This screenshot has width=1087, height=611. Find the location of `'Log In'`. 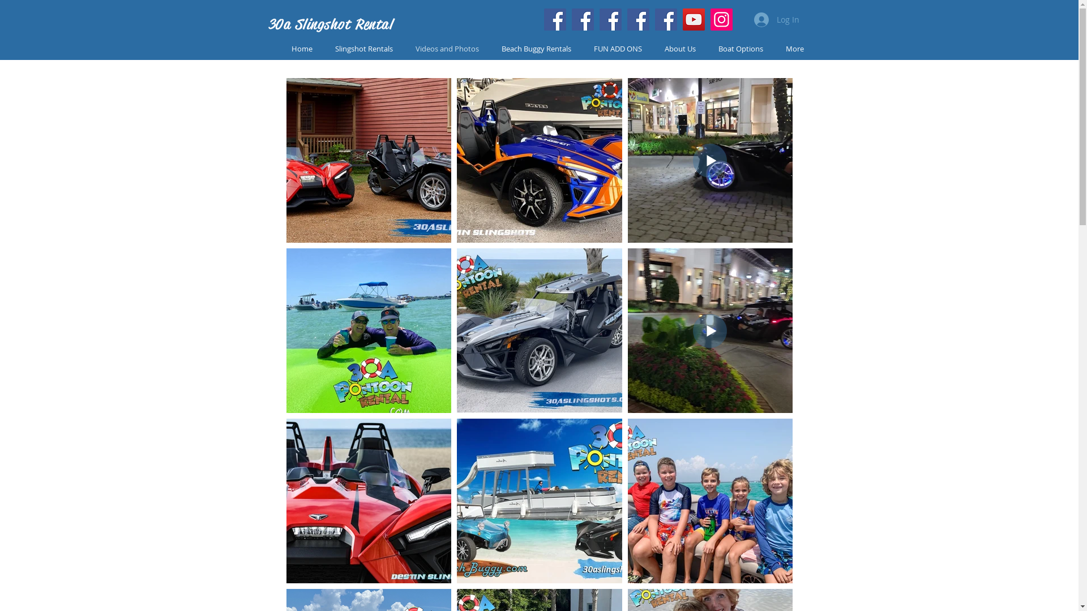

'Log In' is located at coordinates (746, 19).